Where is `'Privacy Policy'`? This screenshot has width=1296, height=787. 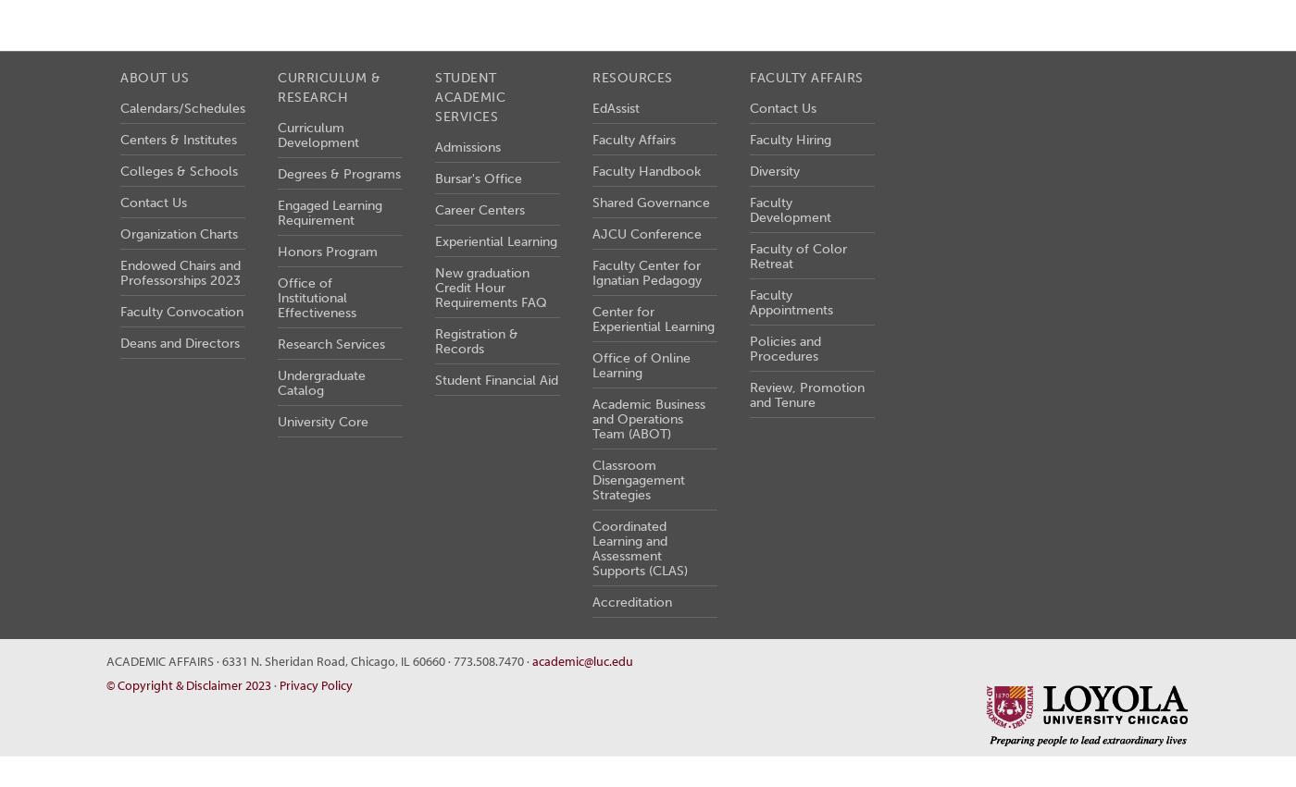
'Privacy Policy' is located at coordinates (279, 684).